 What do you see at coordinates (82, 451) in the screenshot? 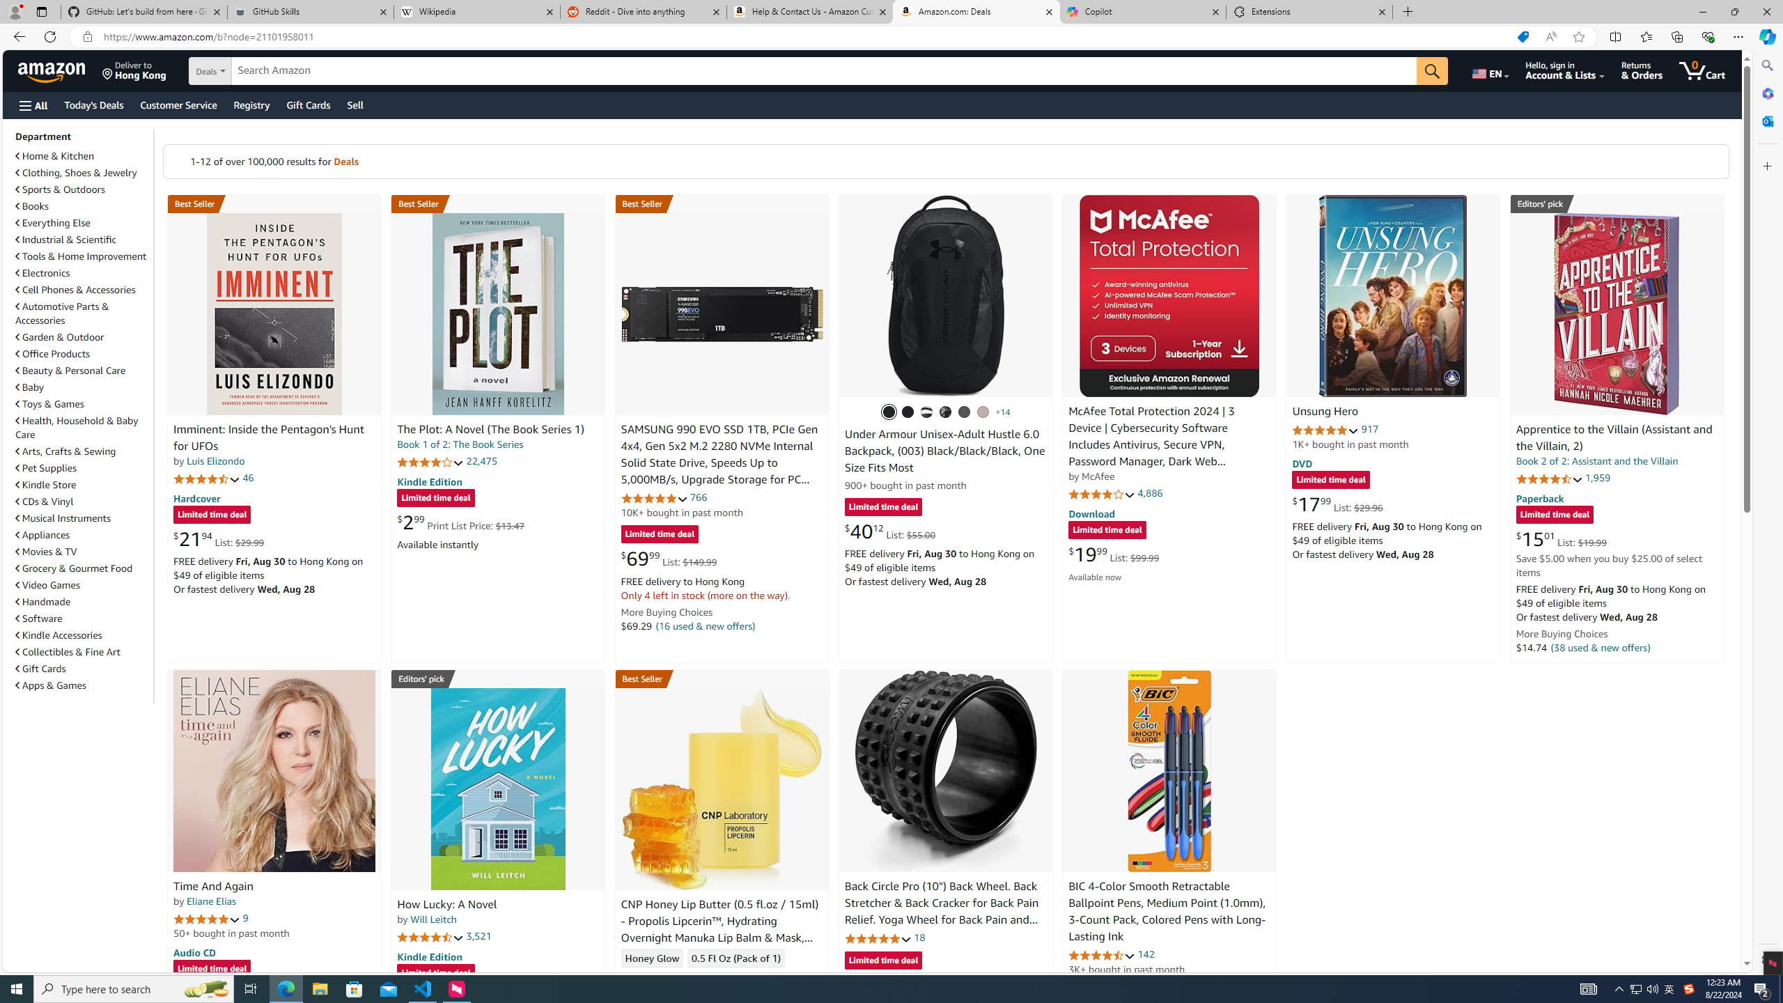
I see `'Arts, Crafts & Sewing'` at bounding box center [82, 451].